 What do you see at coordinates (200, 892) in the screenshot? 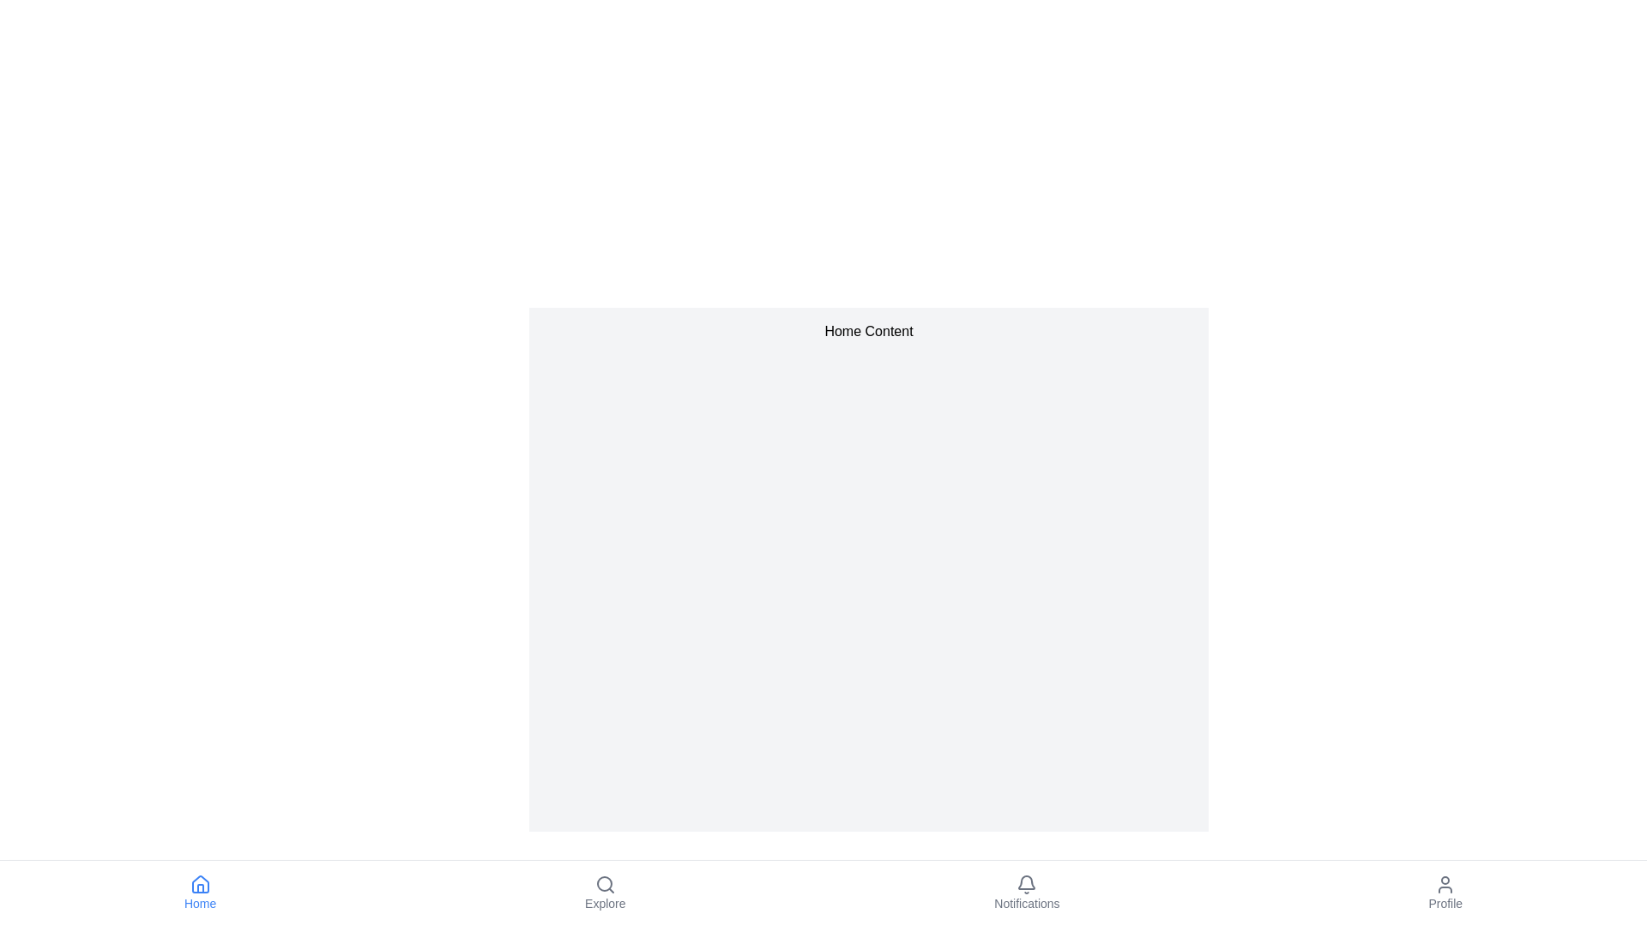
I see `the 'Home' navigation button, which features a house icon and is styled in blue` at bounding box center [200, 892].